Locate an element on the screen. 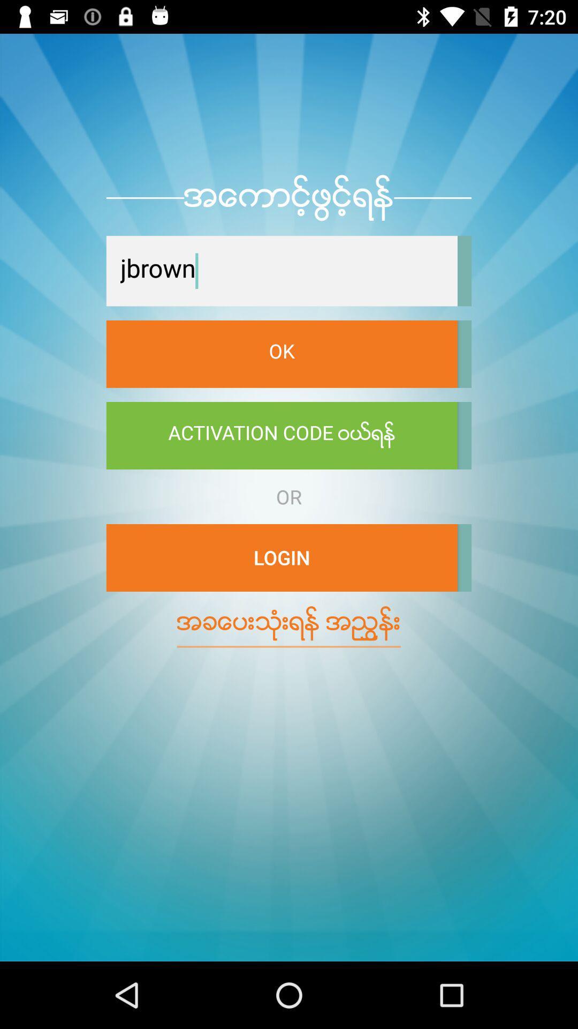  login icon is located at coordinates (281, 557).